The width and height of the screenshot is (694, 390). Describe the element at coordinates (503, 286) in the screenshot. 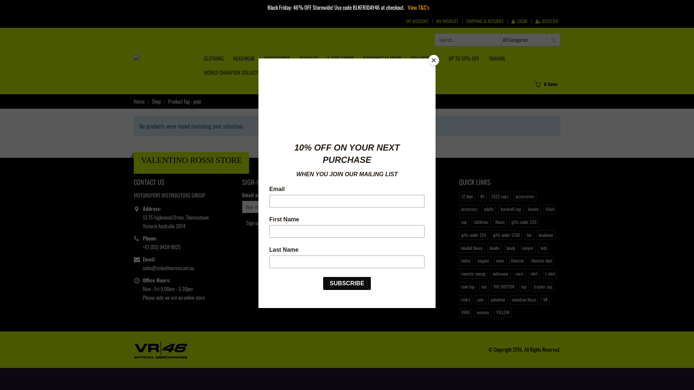

I see `'THE DOCTOR'` at that location.